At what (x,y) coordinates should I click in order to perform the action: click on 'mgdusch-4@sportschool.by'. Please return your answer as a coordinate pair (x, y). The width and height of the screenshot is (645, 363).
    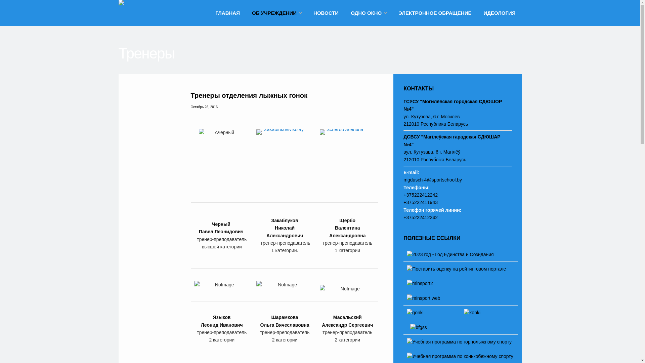
    Looking at the image, I should click on (432, 179).